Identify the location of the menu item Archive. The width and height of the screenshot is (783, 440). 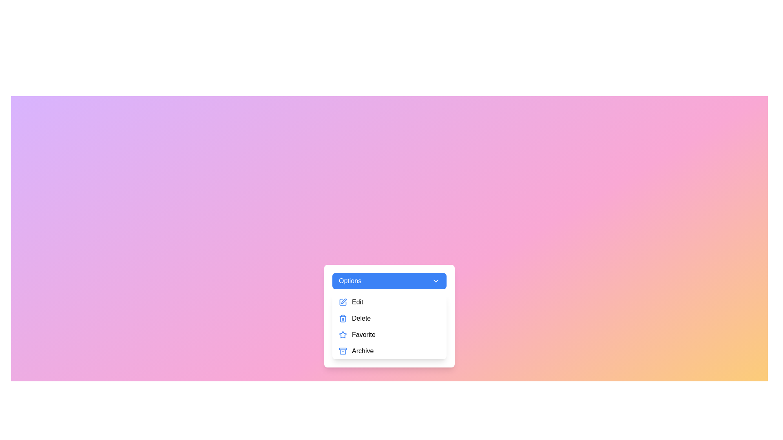
(389, 350).